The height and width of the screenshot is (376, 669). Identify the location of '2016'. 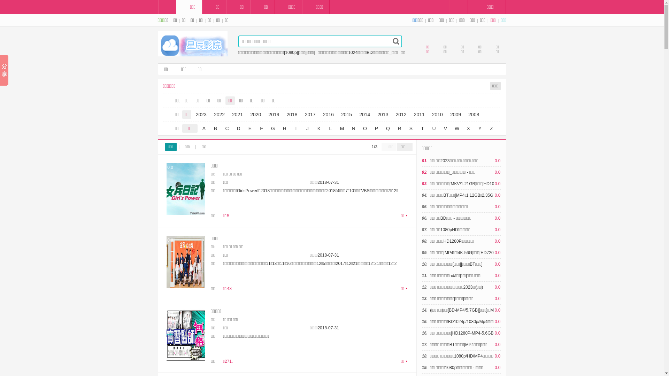
(328, 114).